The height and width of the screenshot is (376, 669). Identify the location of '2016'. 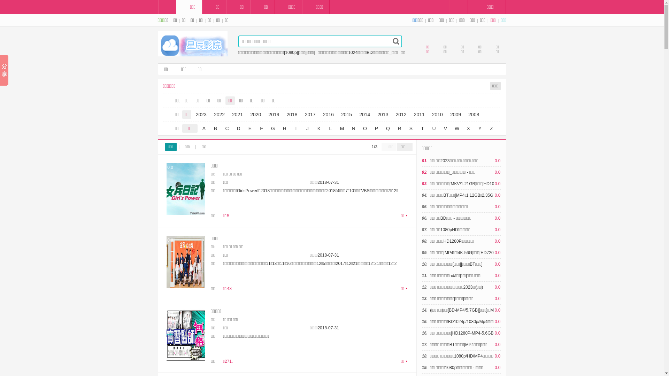
(328, 114).